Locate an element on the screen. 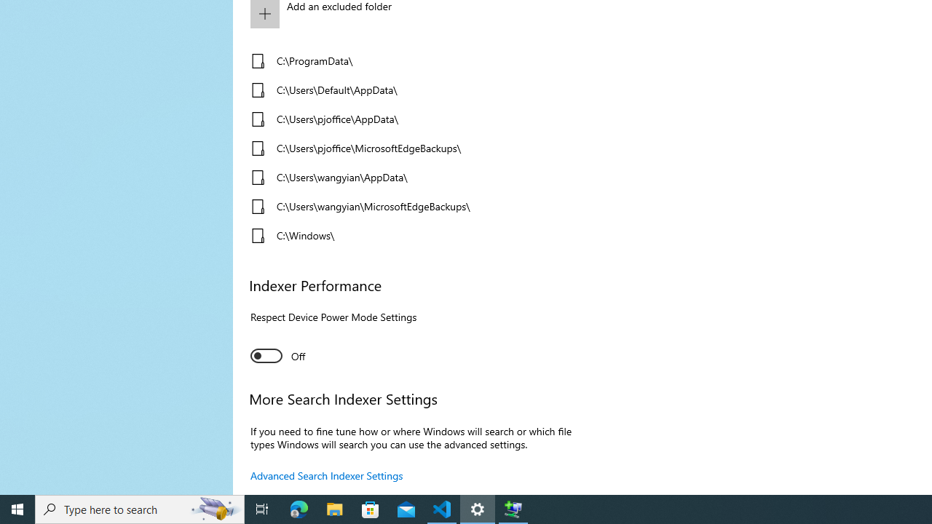  'Visual Studio Code - 1 running window' is located at coordinates (441, 508).